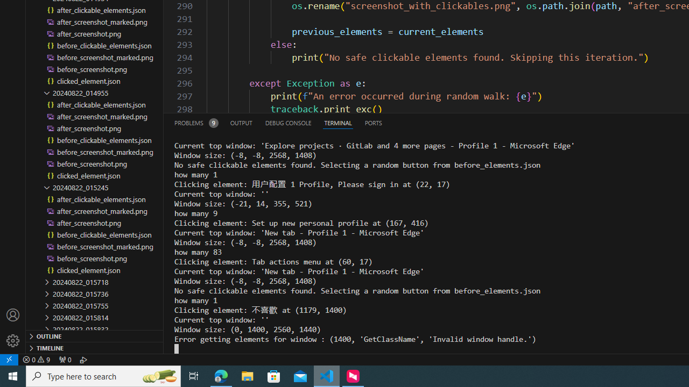 This screenshot has height=387, width=689. What do you see at coordinates (337, 122) in the screenshot?
I see `'Terminal (Ctrl+`)'` at bounding box center [337, 122].